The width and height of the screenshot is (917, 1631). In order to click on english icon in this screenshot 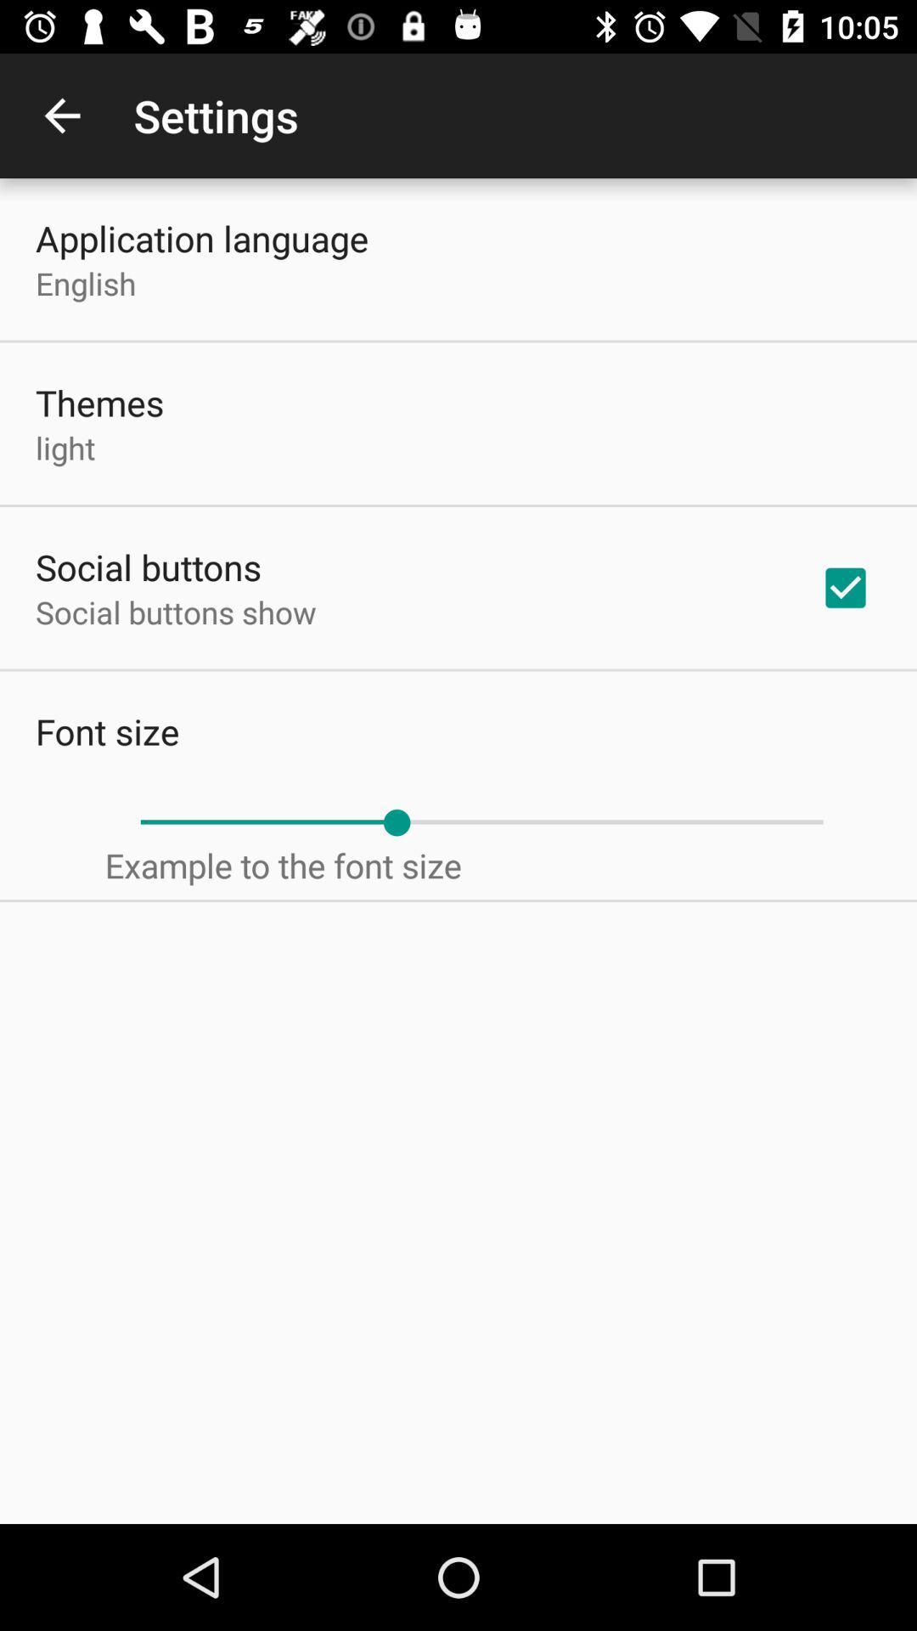, I will do `click(86, 283)`.